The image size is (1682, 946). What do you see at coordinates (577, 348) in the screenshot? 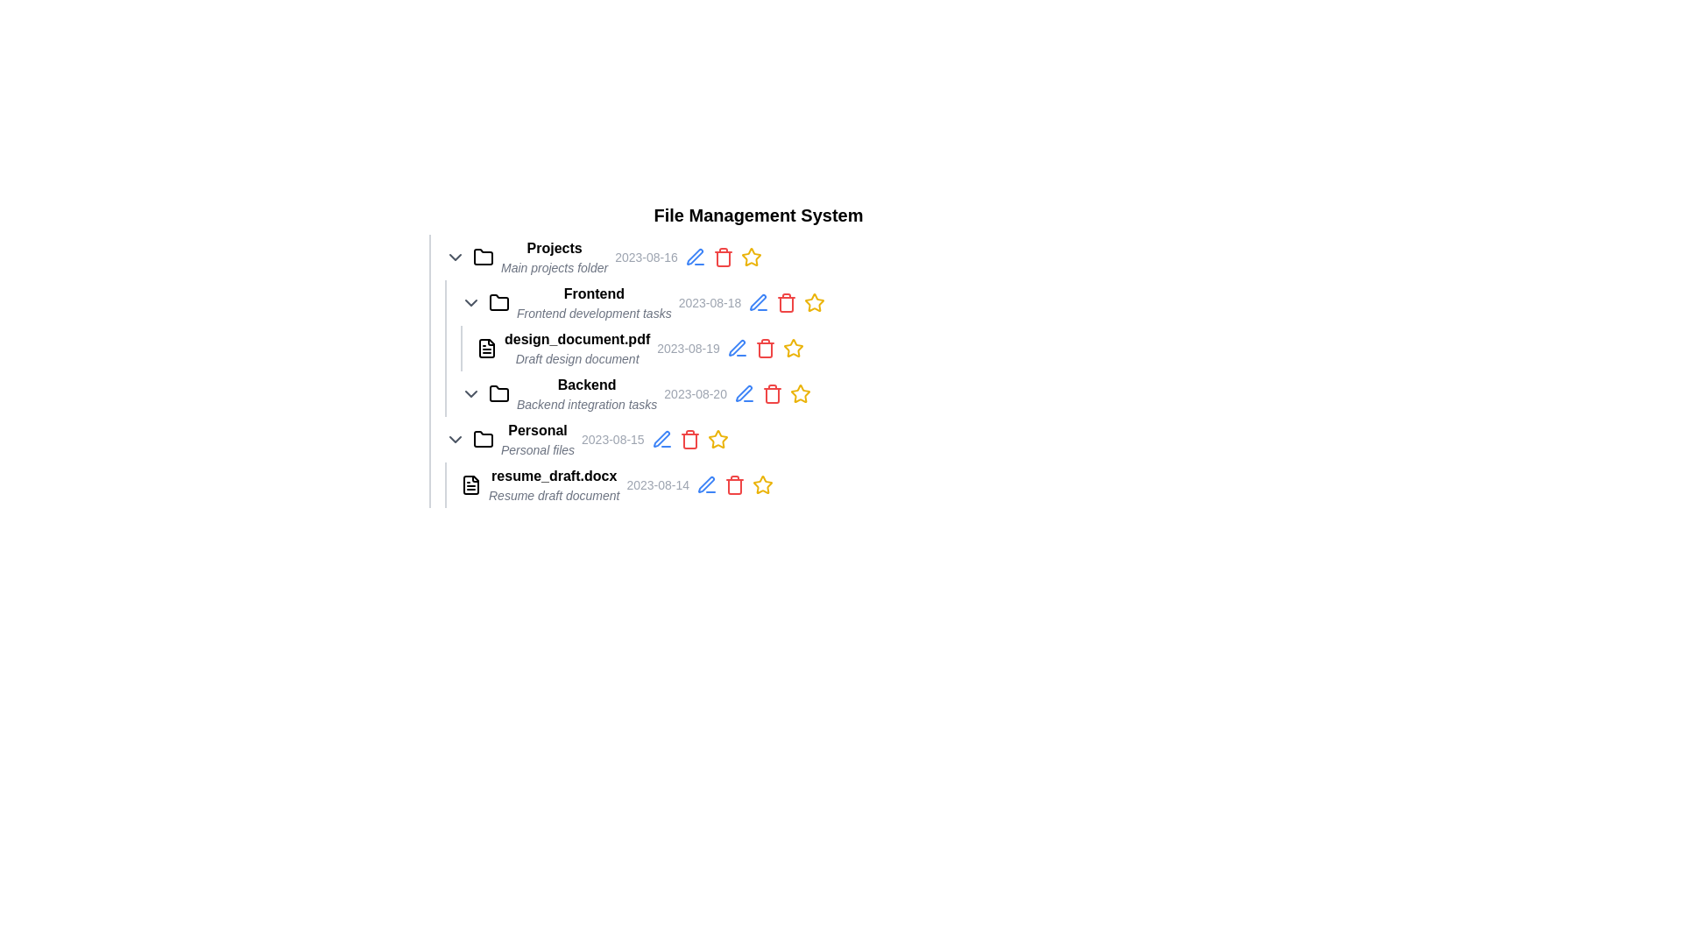
I see `the italicized description 'Draft design document' of the text-label component for the file 'design_document.pdf' located under the 'Frontend' folder in the 'Projects' section` at bounding box center [577, 348].